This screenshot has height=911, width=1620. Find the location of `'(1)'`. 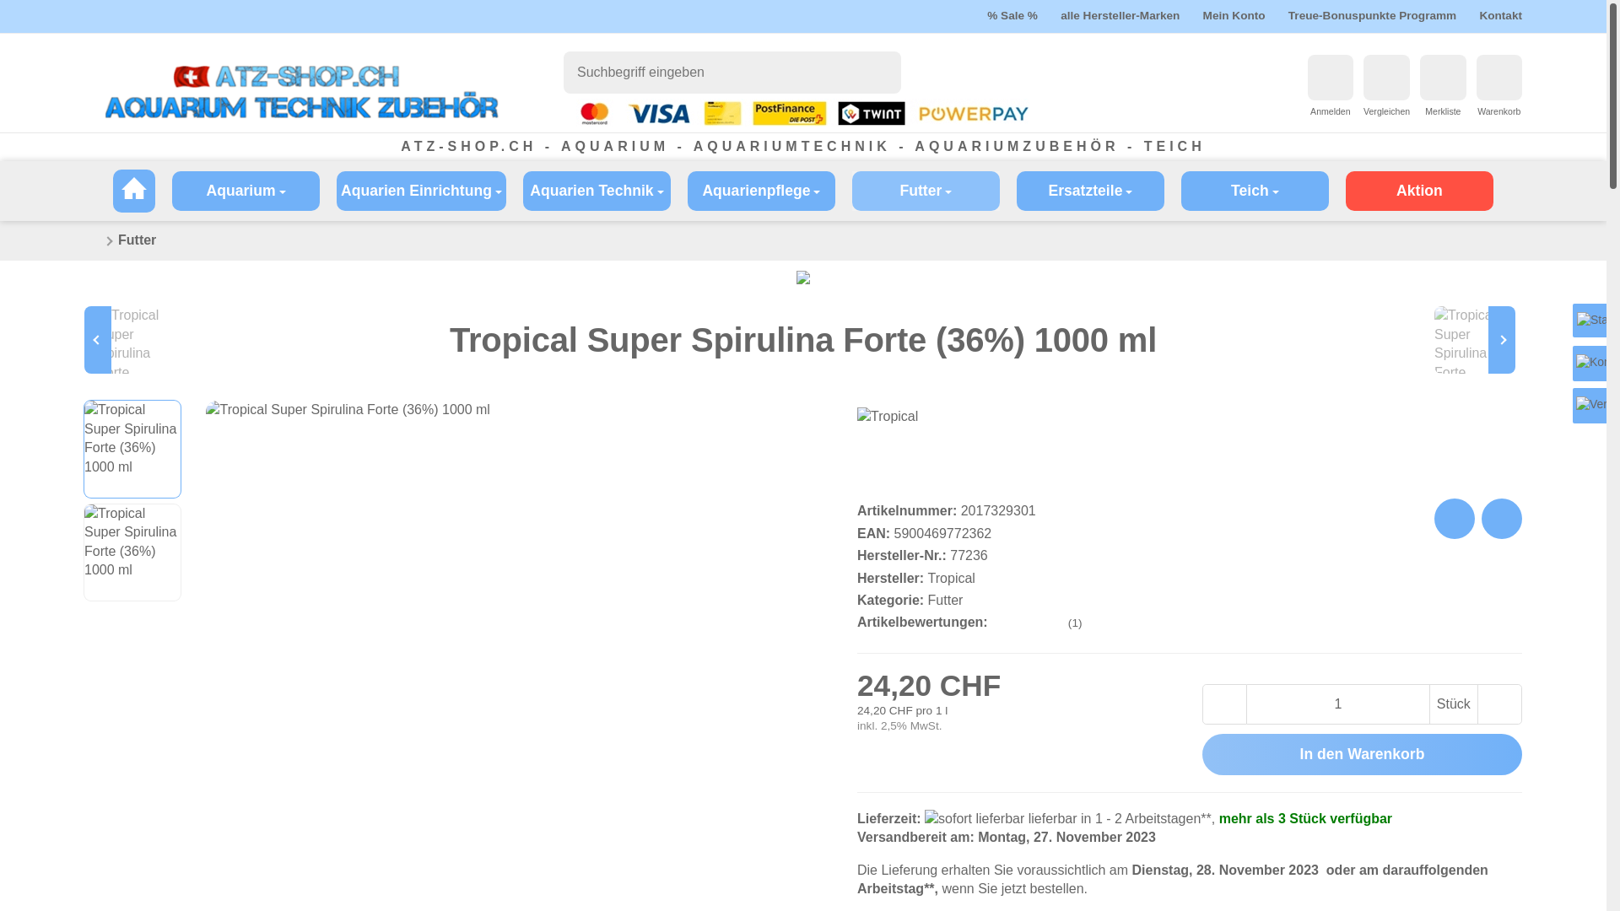

'(1)' is located at coordinates (1037, 623).